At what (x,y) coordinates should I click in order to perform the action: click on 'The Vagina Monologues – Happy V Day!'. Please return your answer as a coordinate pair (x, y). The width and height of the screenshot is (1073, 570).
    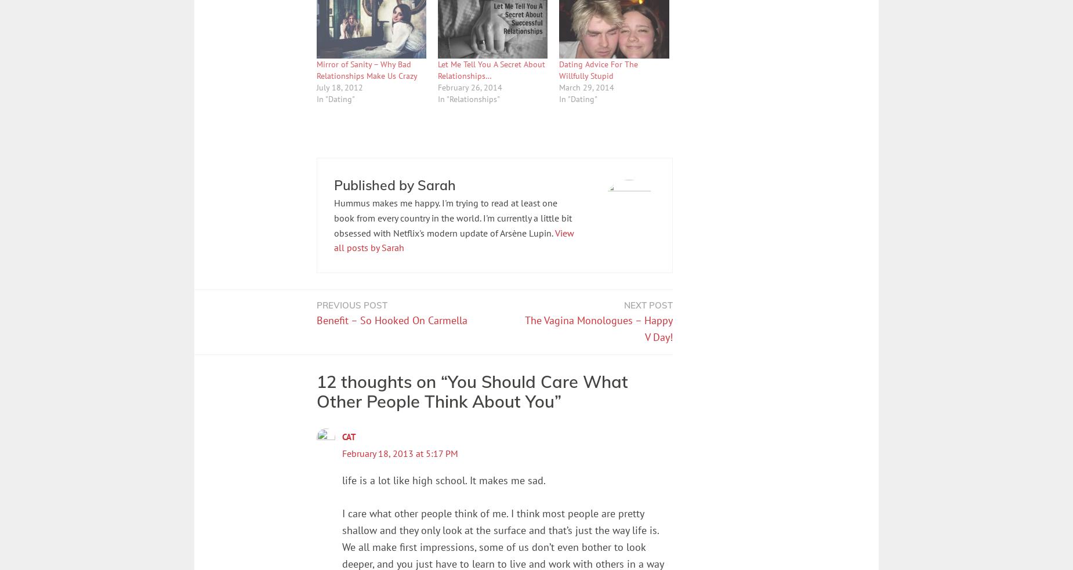
    Looking at the image, I should click on (598, 328).